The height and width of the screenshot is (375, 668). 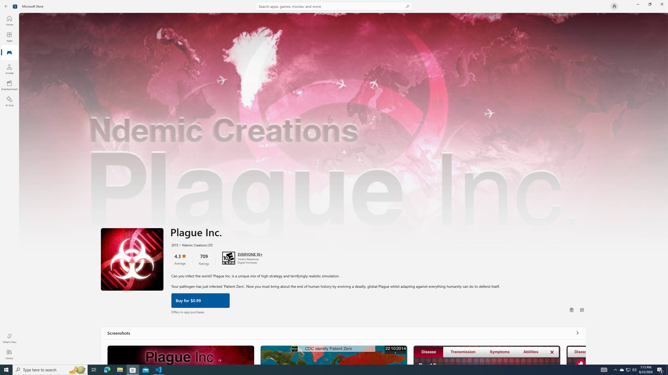 I want to click on 'Minimize Microsoft Store', so click(x=637, y=4).